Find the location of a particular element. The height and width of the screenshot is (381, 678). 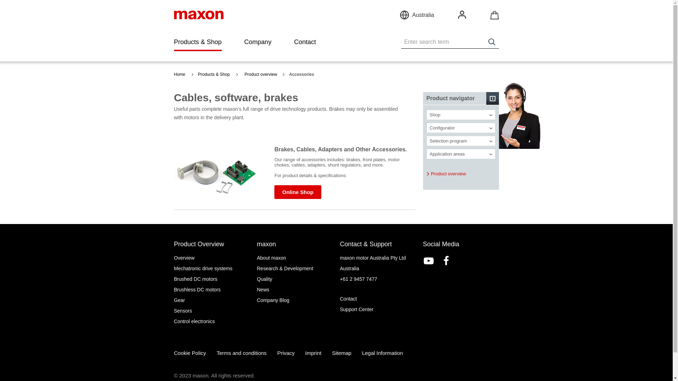

'About maxon' is located at coordinates (295, 258).